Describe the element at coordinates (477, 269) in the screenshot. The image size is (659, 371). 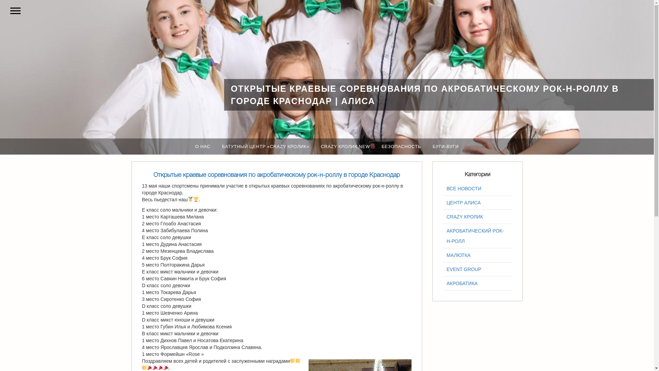
I see `'EVENT GROUP'` at that location.